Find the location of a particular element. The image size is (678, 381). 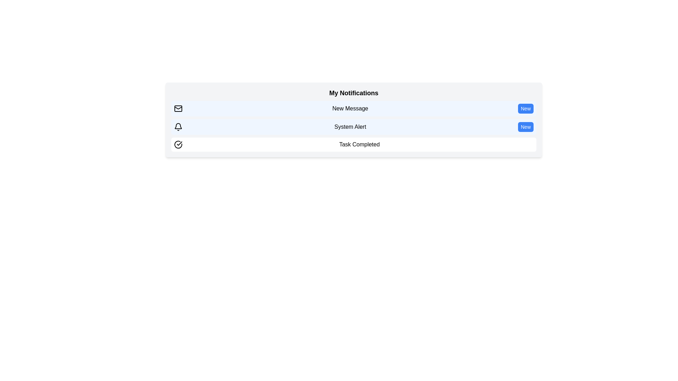

the circular graphic icon indicating a successfully completed task, located to the left of the 'Task Completed' text label in the notification list is located at coordinates (179, 143).